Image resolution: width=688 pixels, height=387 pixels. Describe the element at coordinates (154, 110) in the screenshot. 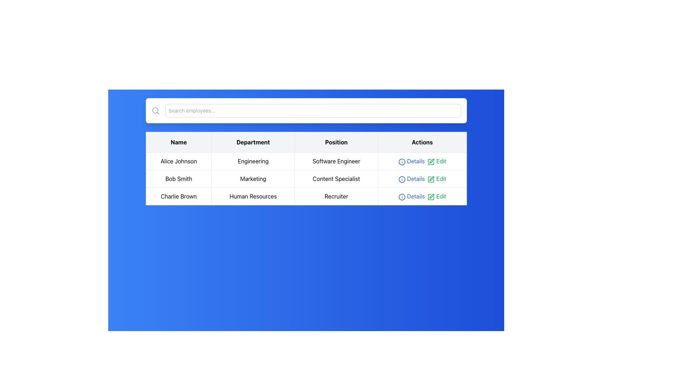

I see `the circular portion of the search icon located at the top-left corner of the header section` at that location.